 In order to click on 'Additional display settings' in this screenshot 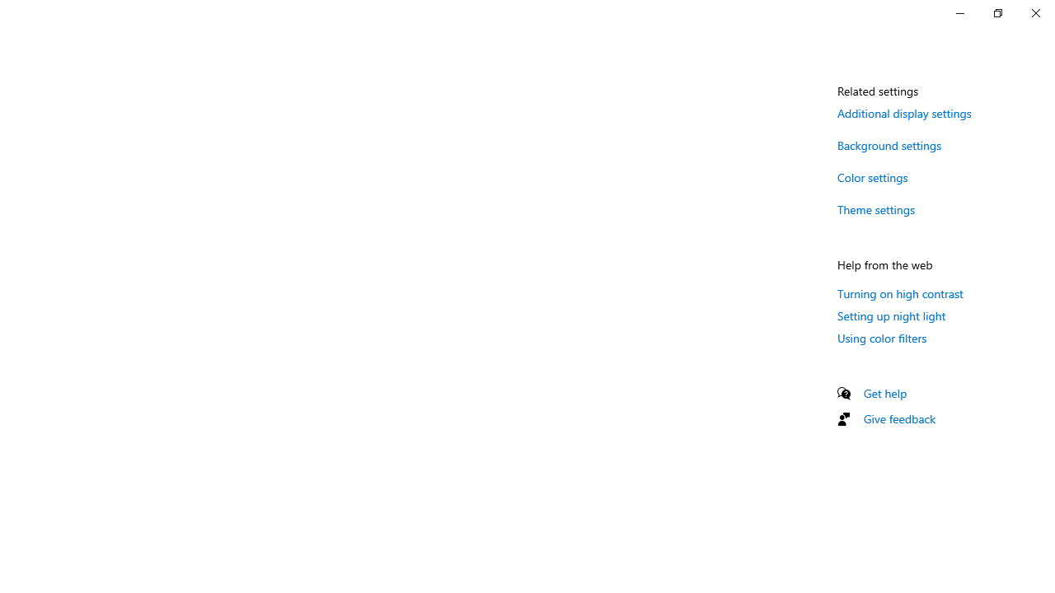, I will do `click(903, 112)`.